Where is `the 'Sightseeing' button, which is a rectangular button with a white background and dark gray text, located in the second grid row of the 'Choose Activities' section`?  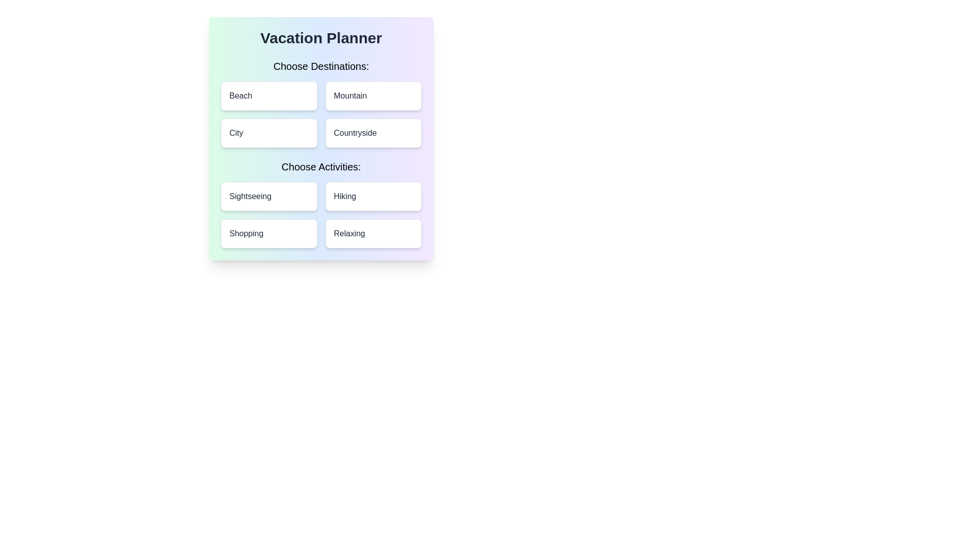
the 'Sightseeing' button, which is a rectangular button with a white background and dark gray text, located in the second grid row of the 'Choose Activities' section is located at coordinates (269, 196).